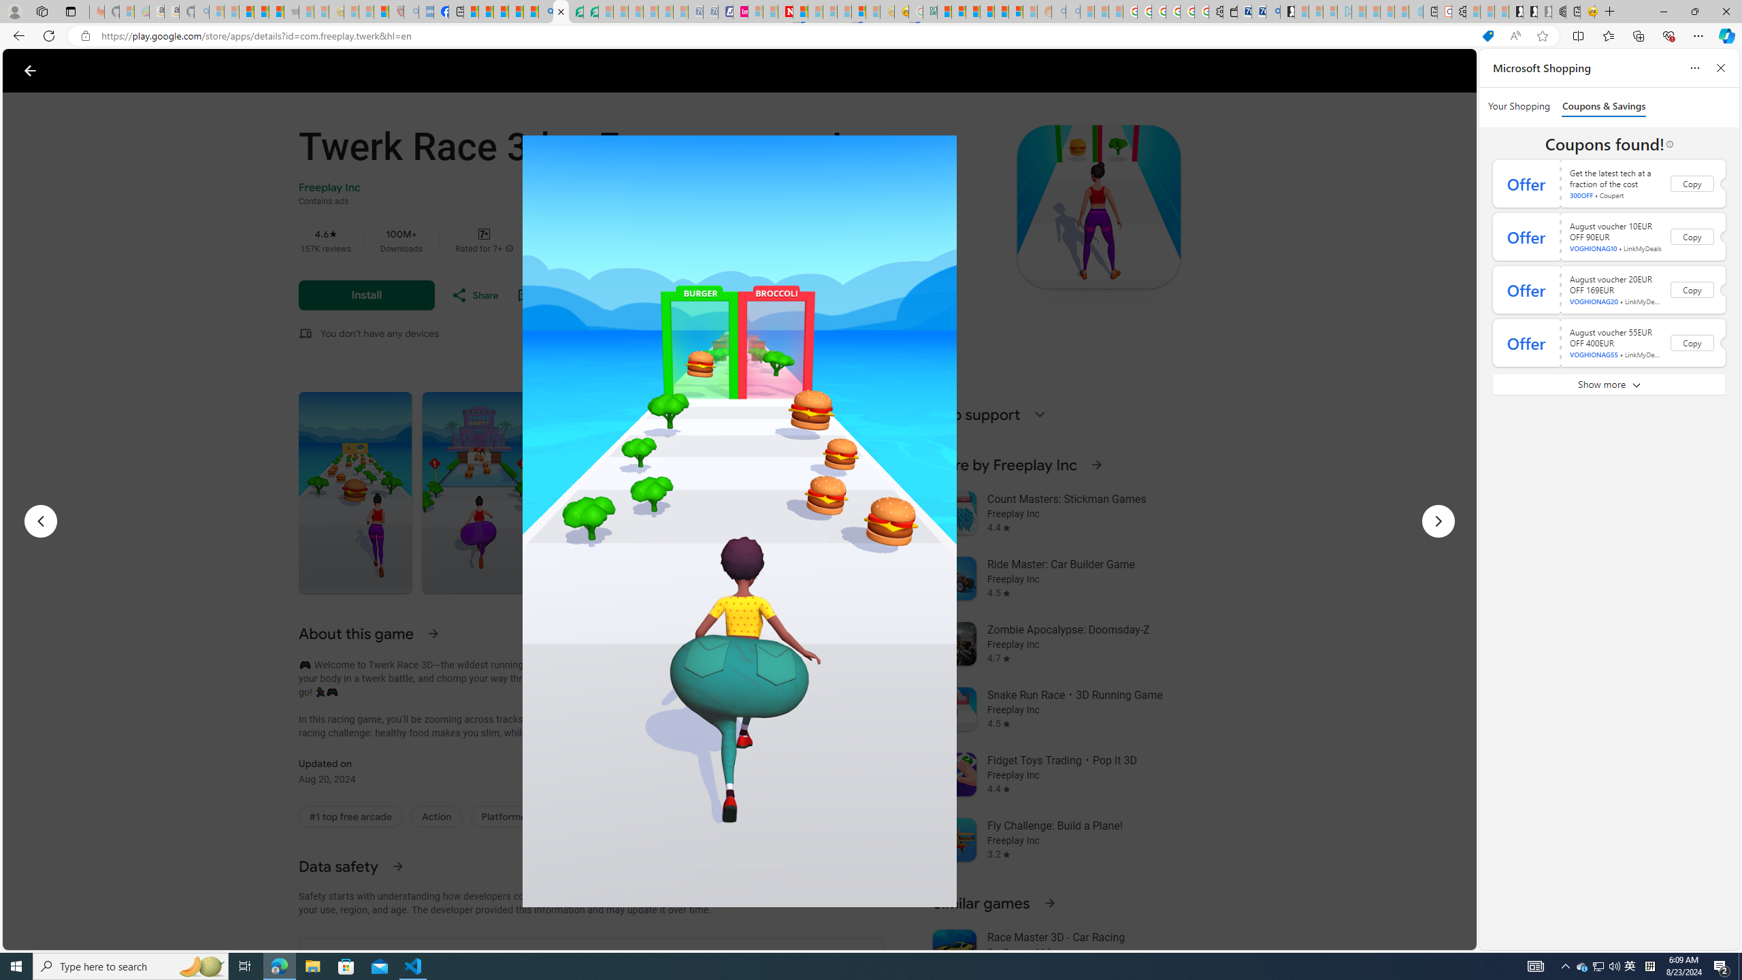 The width and height of the screenshot is (1742, 980). I want to click on 'Terms of Use Agreement', so click(575, 11).